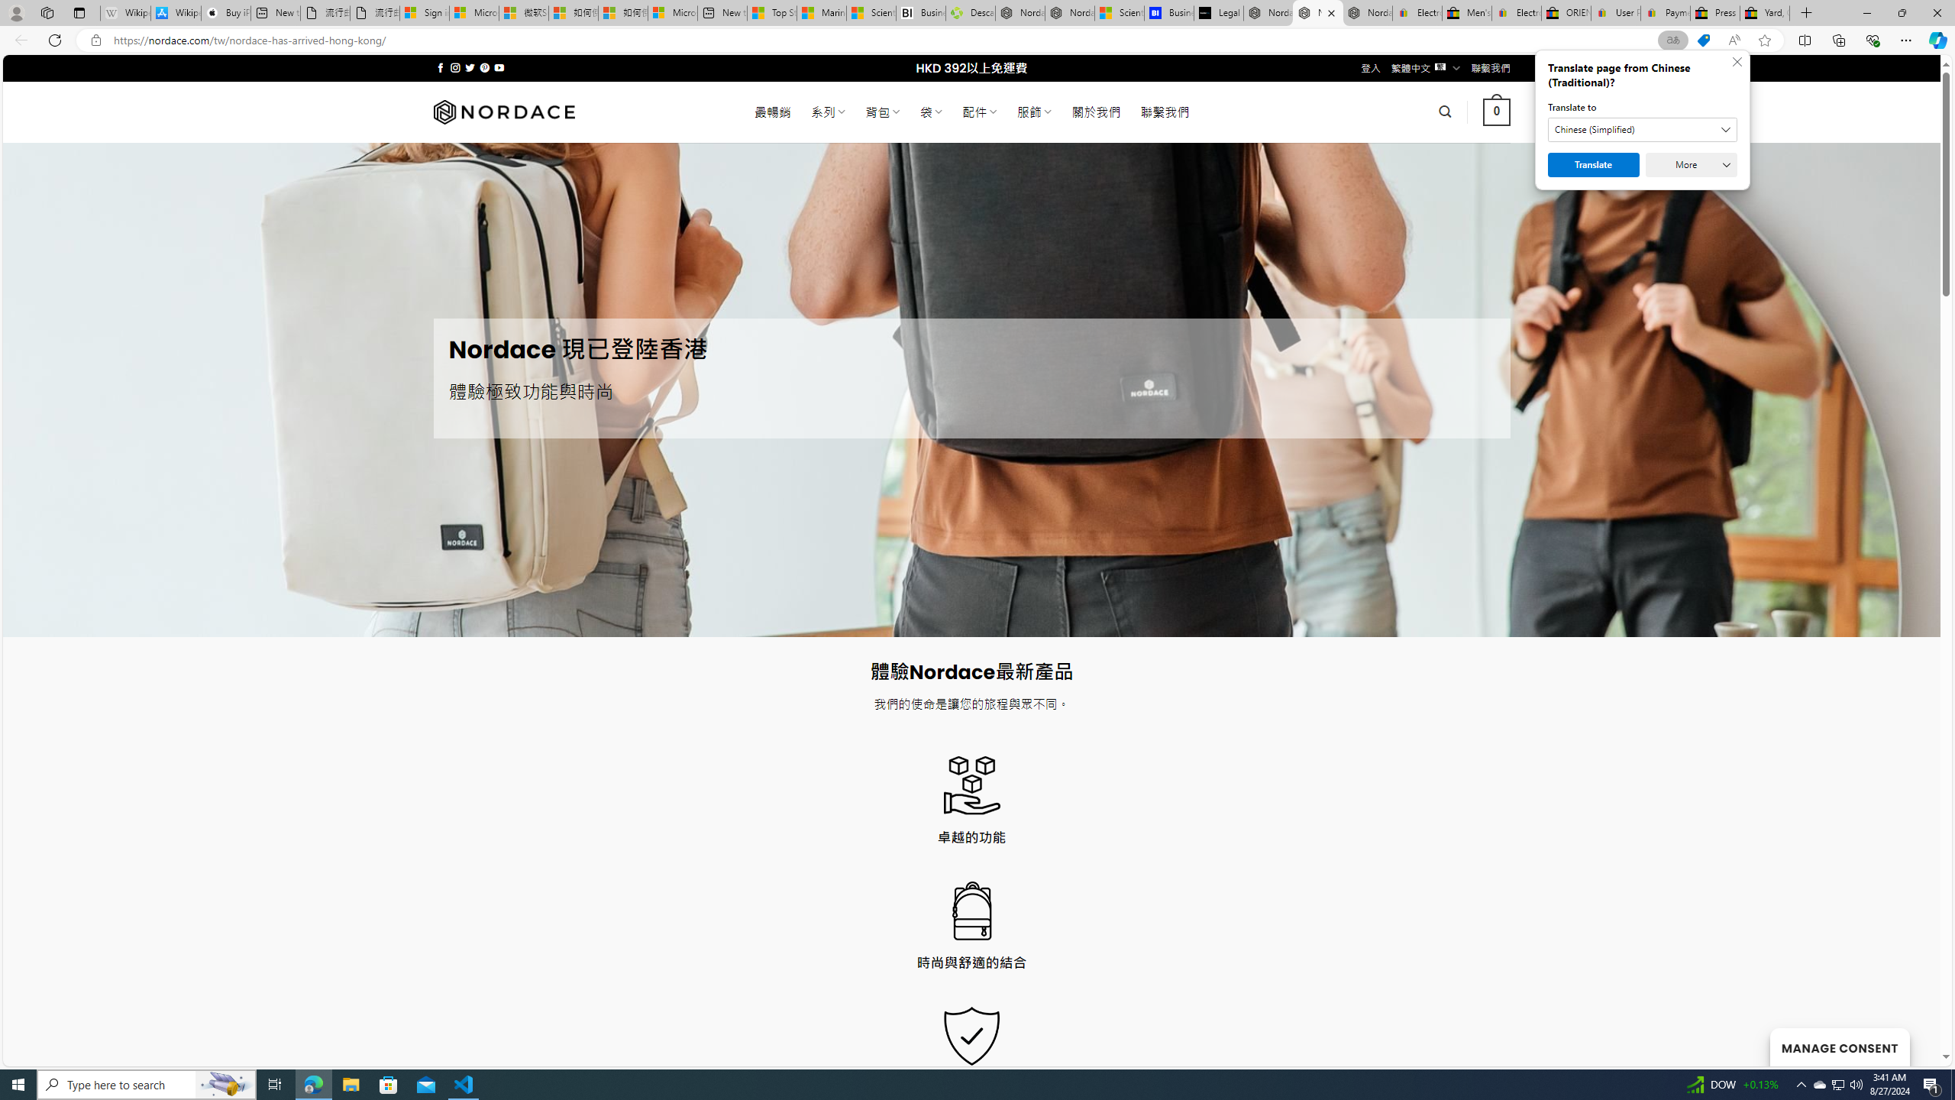  Describe the element at coordinates (1643, 128) in the screenshot. I see `'Translate to'` at that location.